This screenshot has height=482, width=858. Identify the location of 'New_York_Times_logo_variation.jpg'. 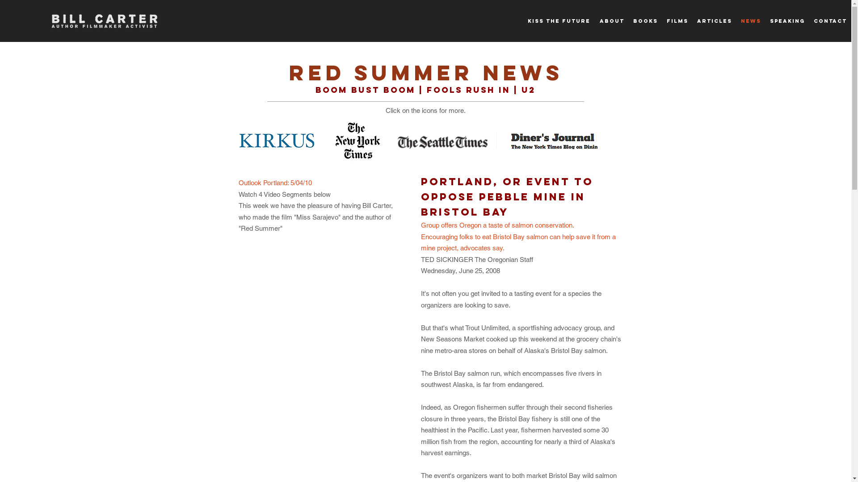
(332, 141).